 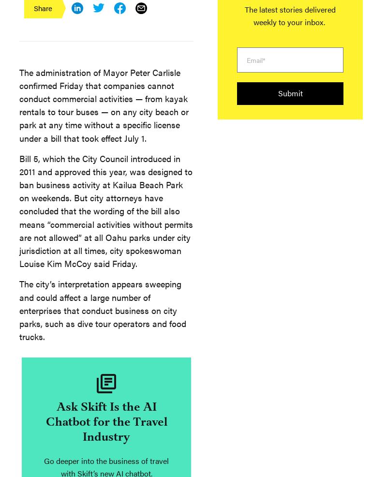 What do you see at coordinates (115, 209) in the screenshot?
I see `'Q&A: IAG Loyalty CEO on the New Age of Customer Loyalty'` at bounding box center [115, 209].